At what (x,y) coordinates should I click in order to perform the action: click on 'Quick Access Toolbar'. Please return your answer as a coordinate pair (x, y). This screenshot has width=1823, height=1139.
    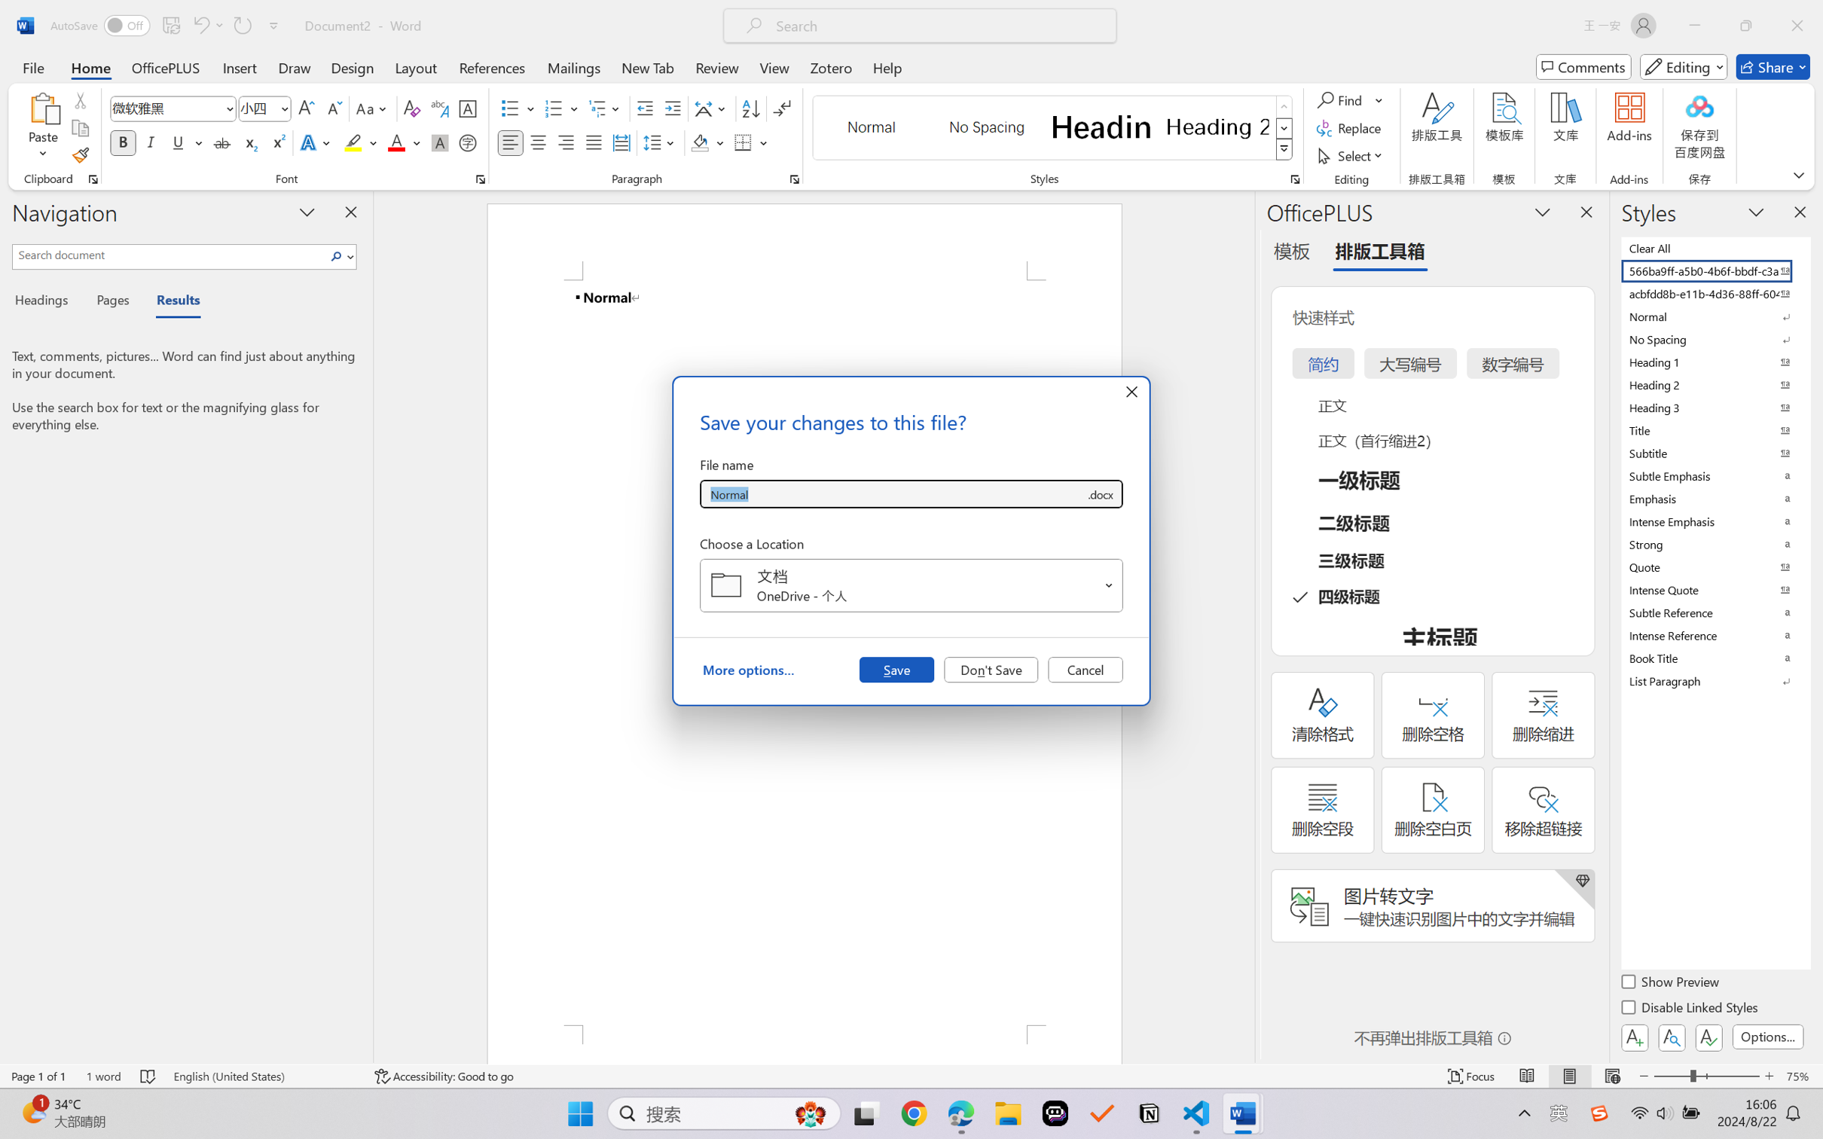
    Looking at the image, I should click on (167, 25).